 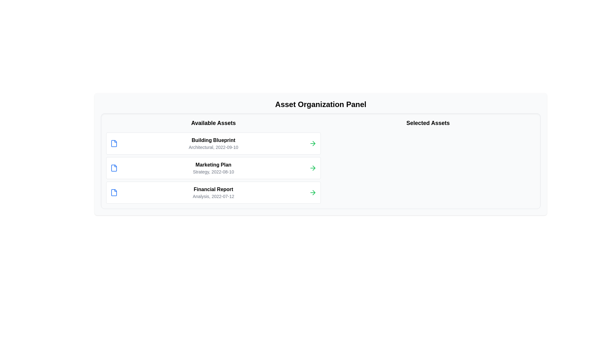 What do you see at coordinates (314, 143) in the screenshot?
I see `the green arrow icon representing an action/navigation chevron located between the 'Marketing Plan' list item and additional content in the 'Available Assets' section` at bounding box center [314, 143].